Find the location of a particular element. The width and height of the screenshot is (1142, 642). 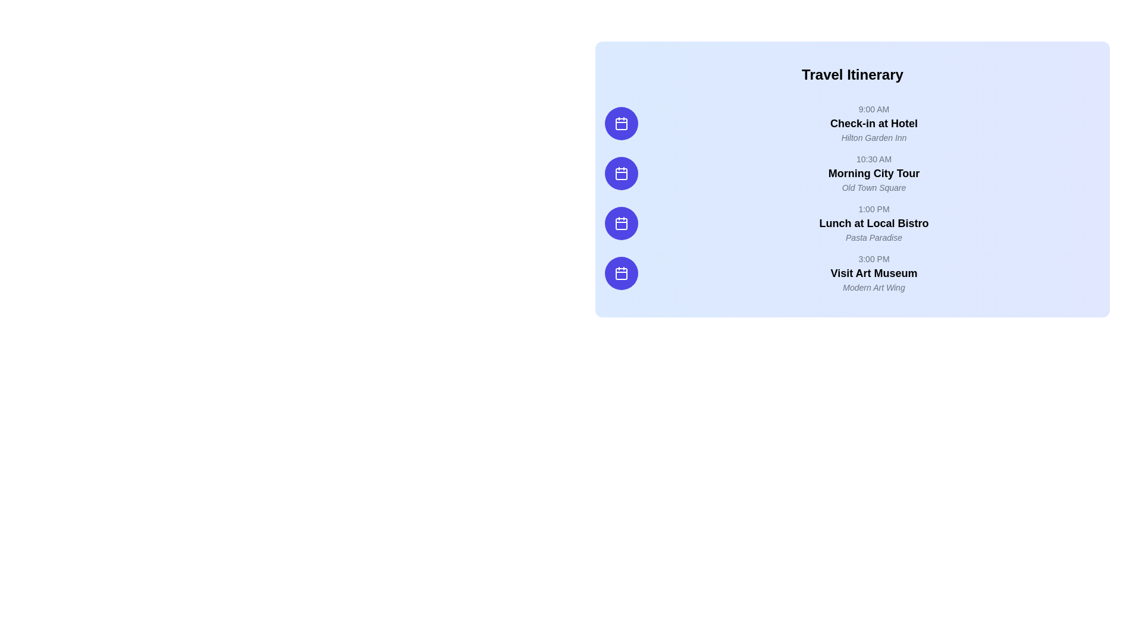

the schedule entry for 'Lunch at Local Bistro' at '1:00 PM' for more details is located at coordinates (874, 223).